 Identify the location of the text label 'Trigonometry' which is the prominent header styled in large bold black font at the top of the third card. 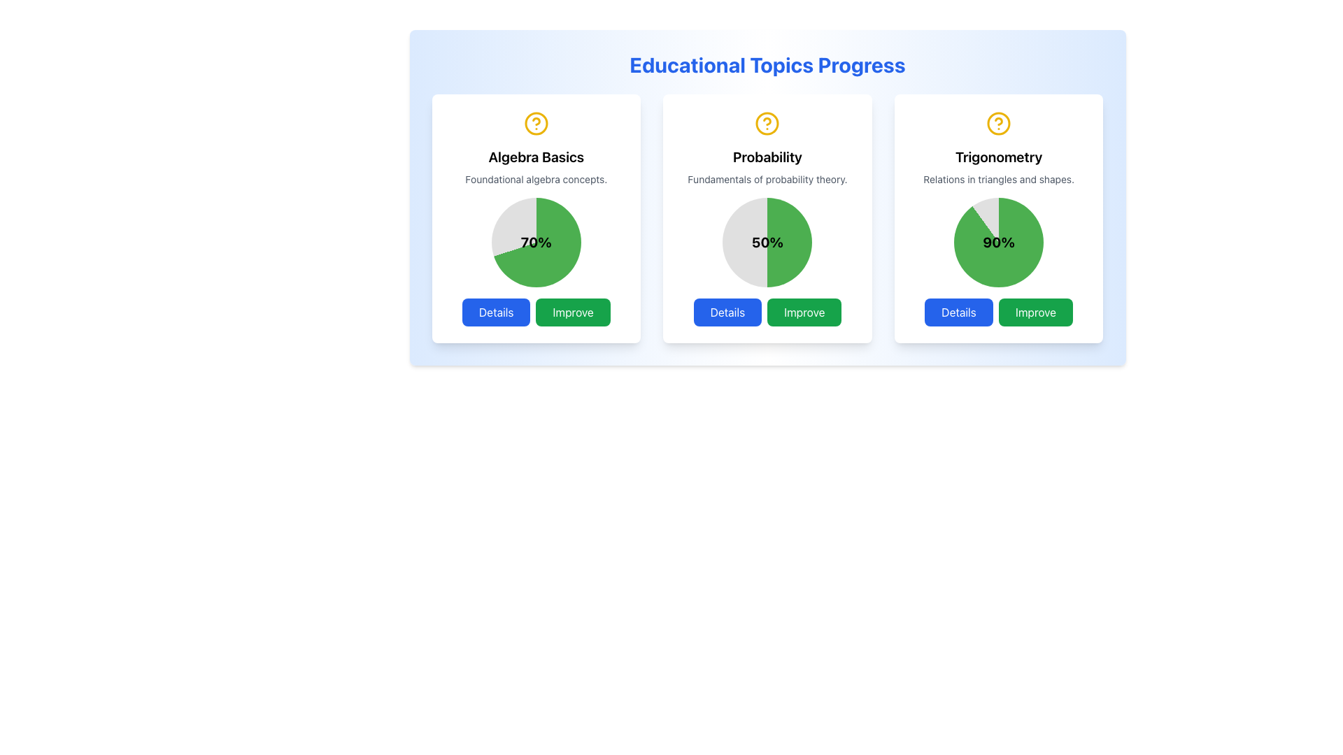
(998, 157).